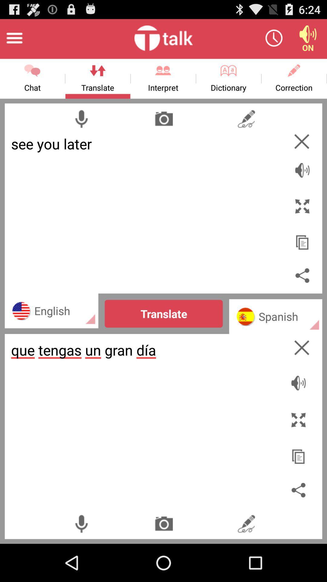 This screenshot has width=327, height=582. I want to click on the share icon, so click(302, 295).